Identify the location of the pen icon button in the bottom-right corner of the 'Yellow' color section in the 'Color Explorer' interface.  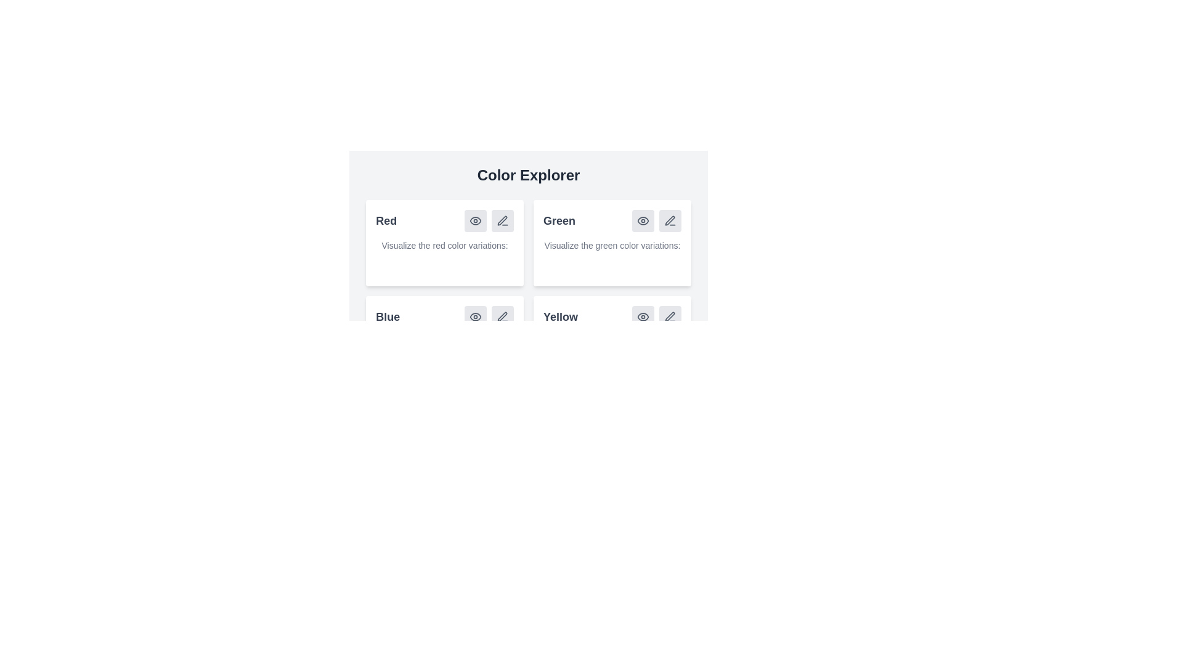
(669, 316).